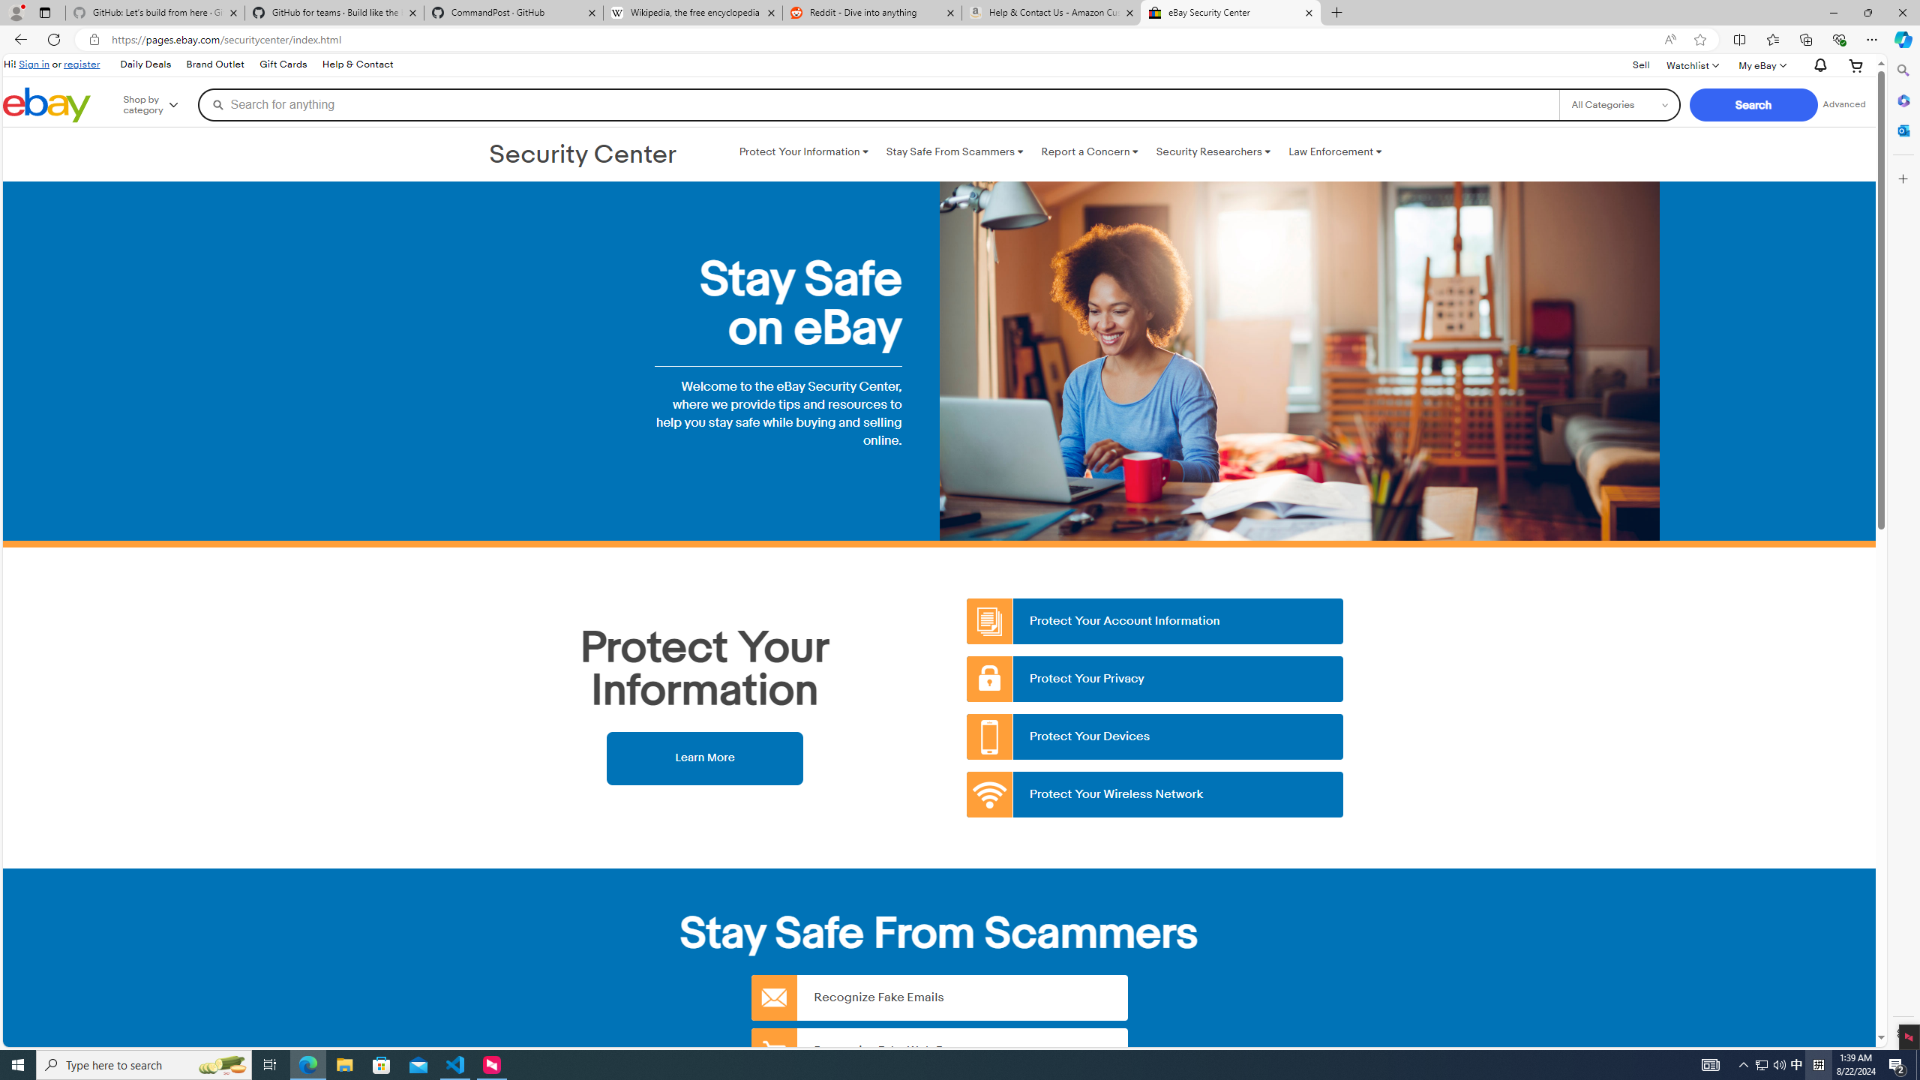 This screenshot has height=1080, width=1920. What do you see at coordinates (1903, 551) in the screenshot?
I see `'Side bar'` at bounding box center [1903, 551].